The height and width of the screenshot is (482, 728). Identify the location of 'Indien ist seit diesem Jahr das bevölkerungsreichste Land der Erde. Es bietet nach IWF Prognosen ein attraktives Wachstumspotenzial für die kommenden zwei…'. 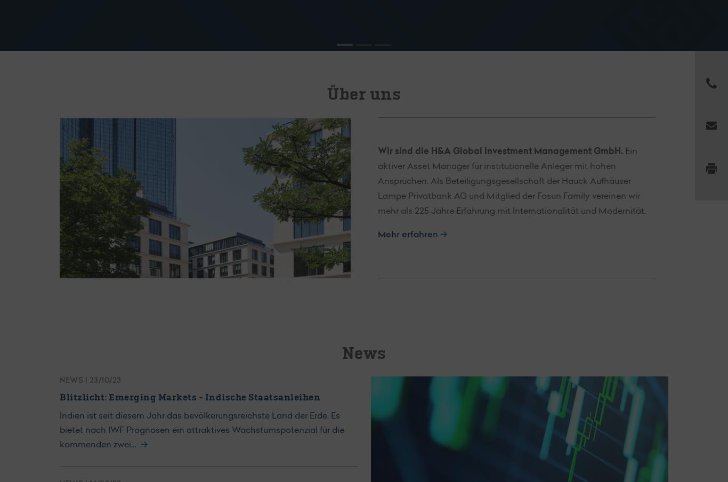
(201, 430).